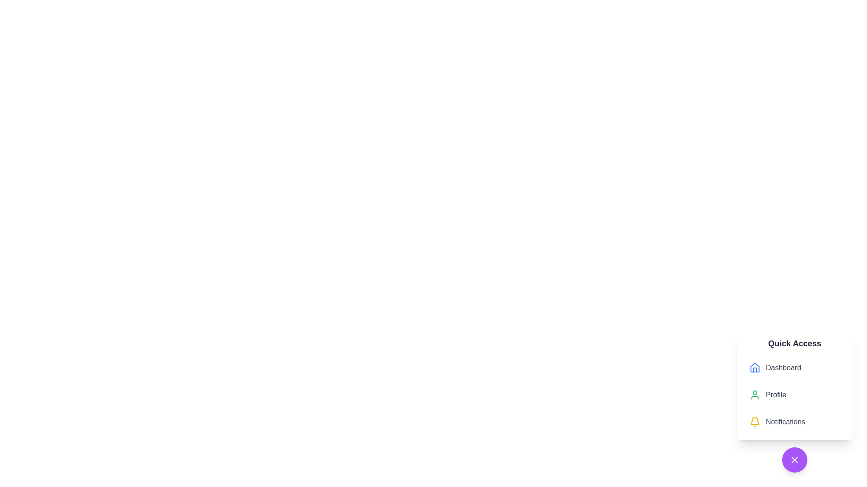 The width and height of the screenshot is (867, 487). I want to click on the 'Profile' list item, which is the second item in the 'Quick Access' menu, so click(795, 401).